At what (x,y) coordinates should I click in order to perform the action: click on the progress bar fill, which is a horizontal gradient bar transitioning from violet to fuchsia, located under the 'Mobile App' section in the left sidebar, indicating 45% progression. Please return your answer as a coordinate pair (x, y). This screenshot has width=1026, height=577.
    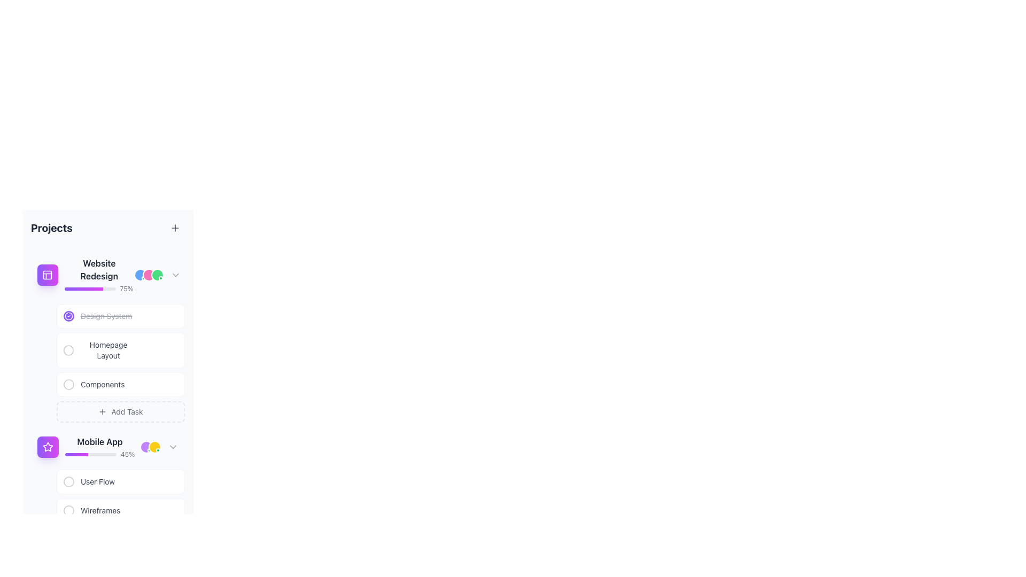
    Looking at the image, I should click on (76, 455).